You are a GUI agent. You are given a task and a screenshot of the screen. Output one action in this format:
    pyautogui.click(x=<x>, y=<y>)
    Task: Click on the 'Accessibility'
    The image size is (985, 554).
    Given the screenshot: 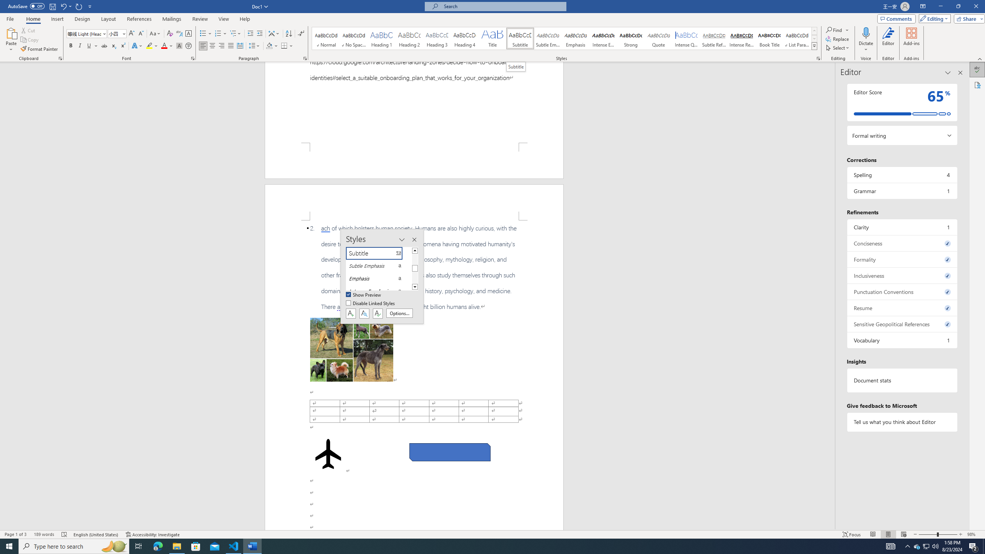 What is the action you would take?
    pyautogui.click(x=977, y=85)
    